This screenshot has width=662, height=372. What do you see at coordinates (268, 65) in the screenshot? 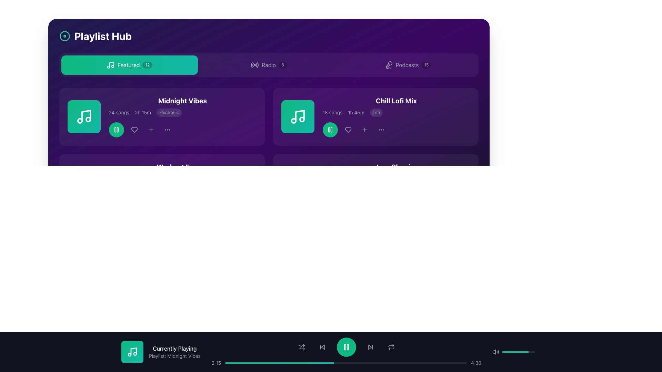
I see `the label displaying the word 'Radio' in light gray color, which is located in the header area of the interface, to the right of the radio signal icon and to the left of the badge showing '8'` at bounding box center [268, 65].